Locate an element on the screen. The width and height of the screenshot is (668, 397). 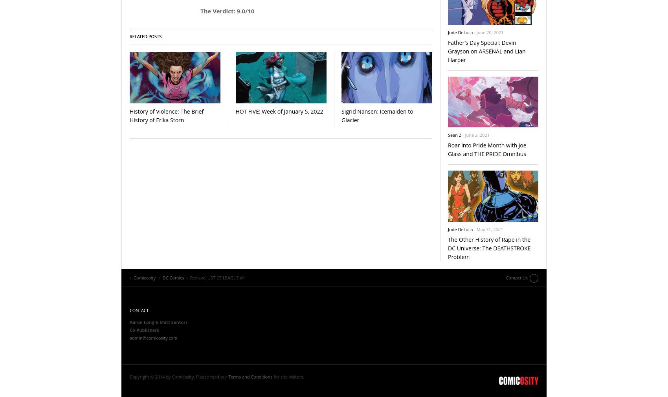
'Roar into Pride Month with Joe Glass and THE PRIDE Omnibus' is located at coordinates (486, 149).